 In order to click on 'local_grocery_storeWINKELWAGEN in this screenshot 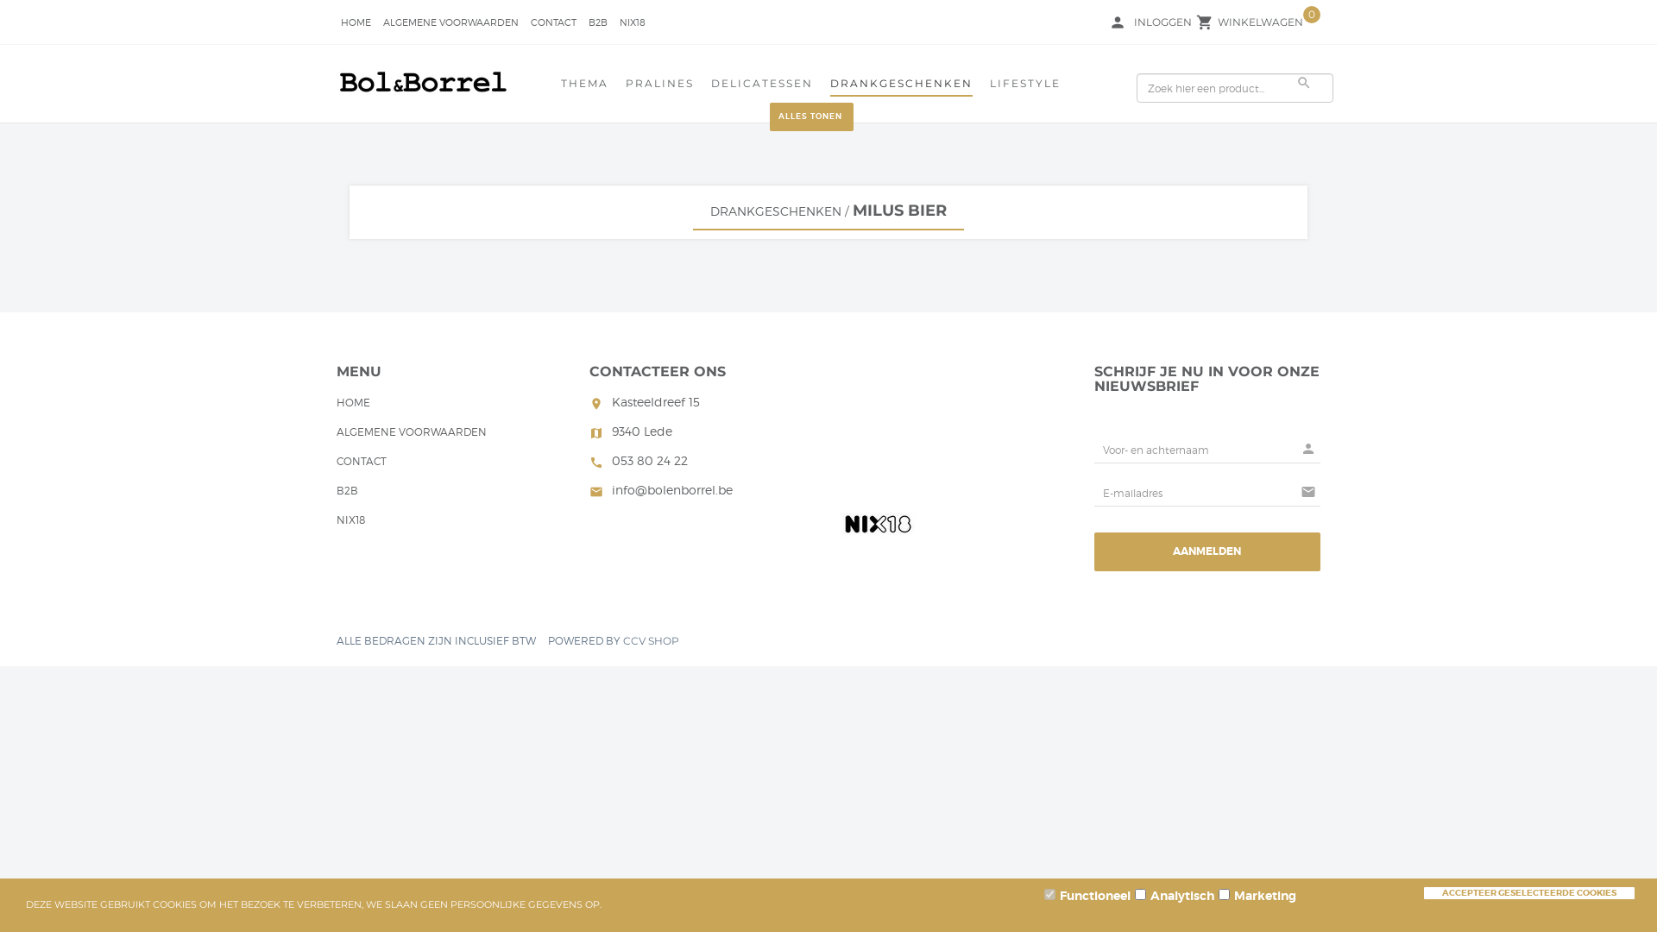, I will do `click(1260, 22)`.